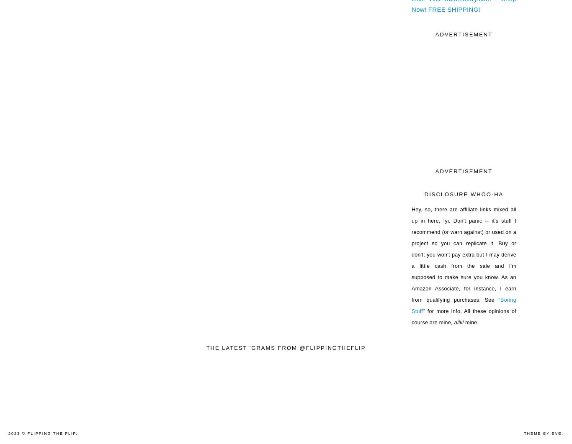 The image size is (572, 444). Describe the element at coordinates (285, 347) in the screenshot. I see `'the latest 'grams from @flippingtheflip'` at that location.